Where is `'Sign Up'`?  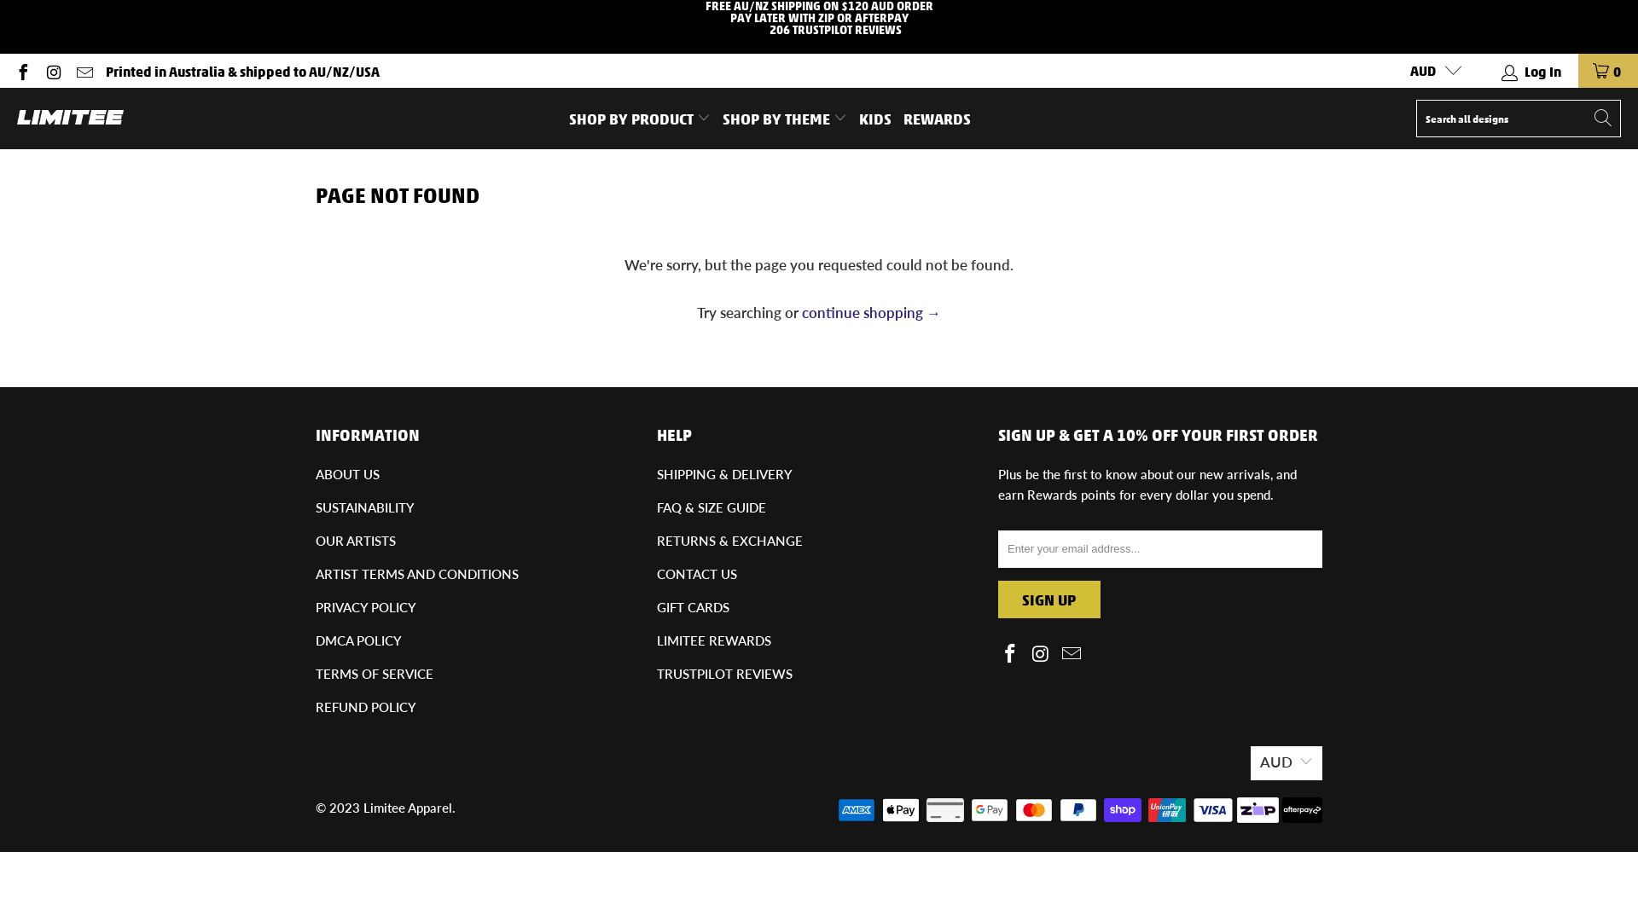
'Sign Up' is located at coordinates (1048, 598).